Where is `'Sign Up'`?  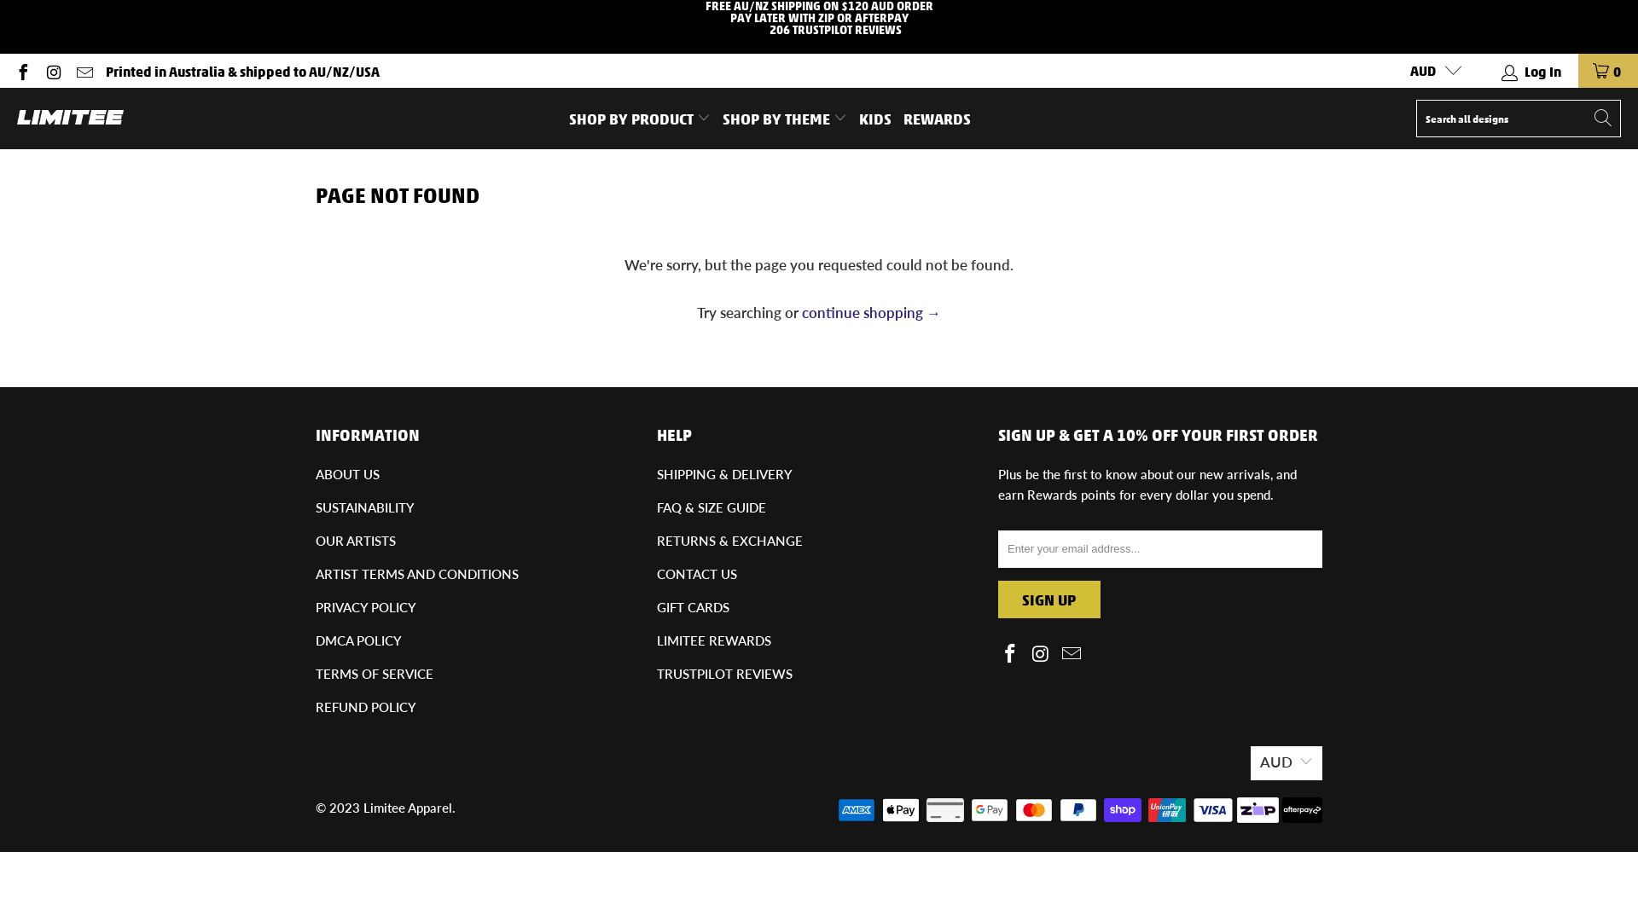
'Sign Up' is located at coordinates (1048, 598).